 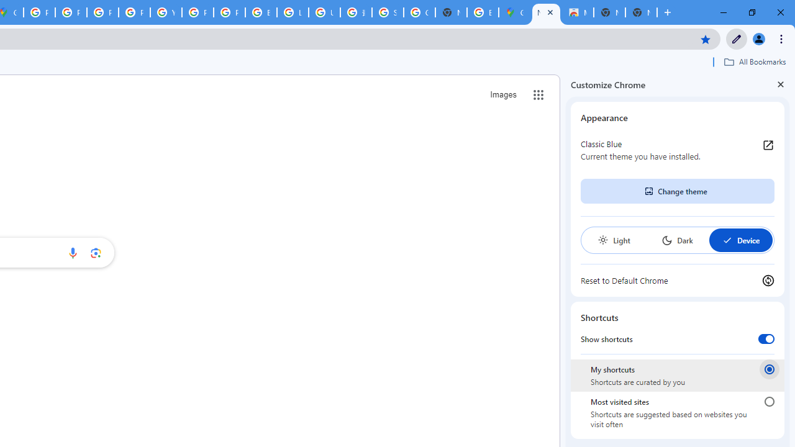 What do you see at coordinates (481, 12) in the screenshot?
I see `'Explore new street-level details - Google Maps Help'` at bounding box center [481, 12].